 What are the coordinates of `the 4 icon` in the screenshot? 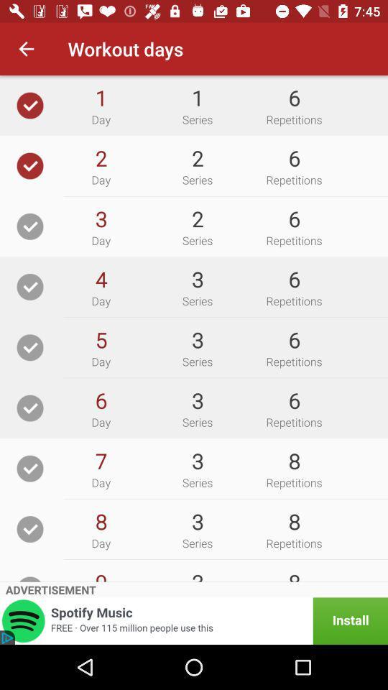 It's located at (100, 278).